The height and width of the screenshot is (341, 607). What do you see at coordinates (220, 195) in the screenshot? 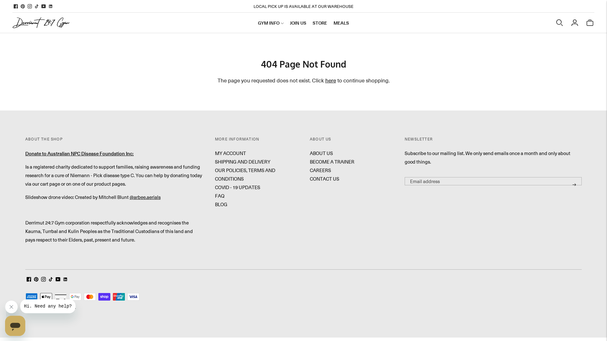
I see `'FAQ'` at bounding box center [220, 195].